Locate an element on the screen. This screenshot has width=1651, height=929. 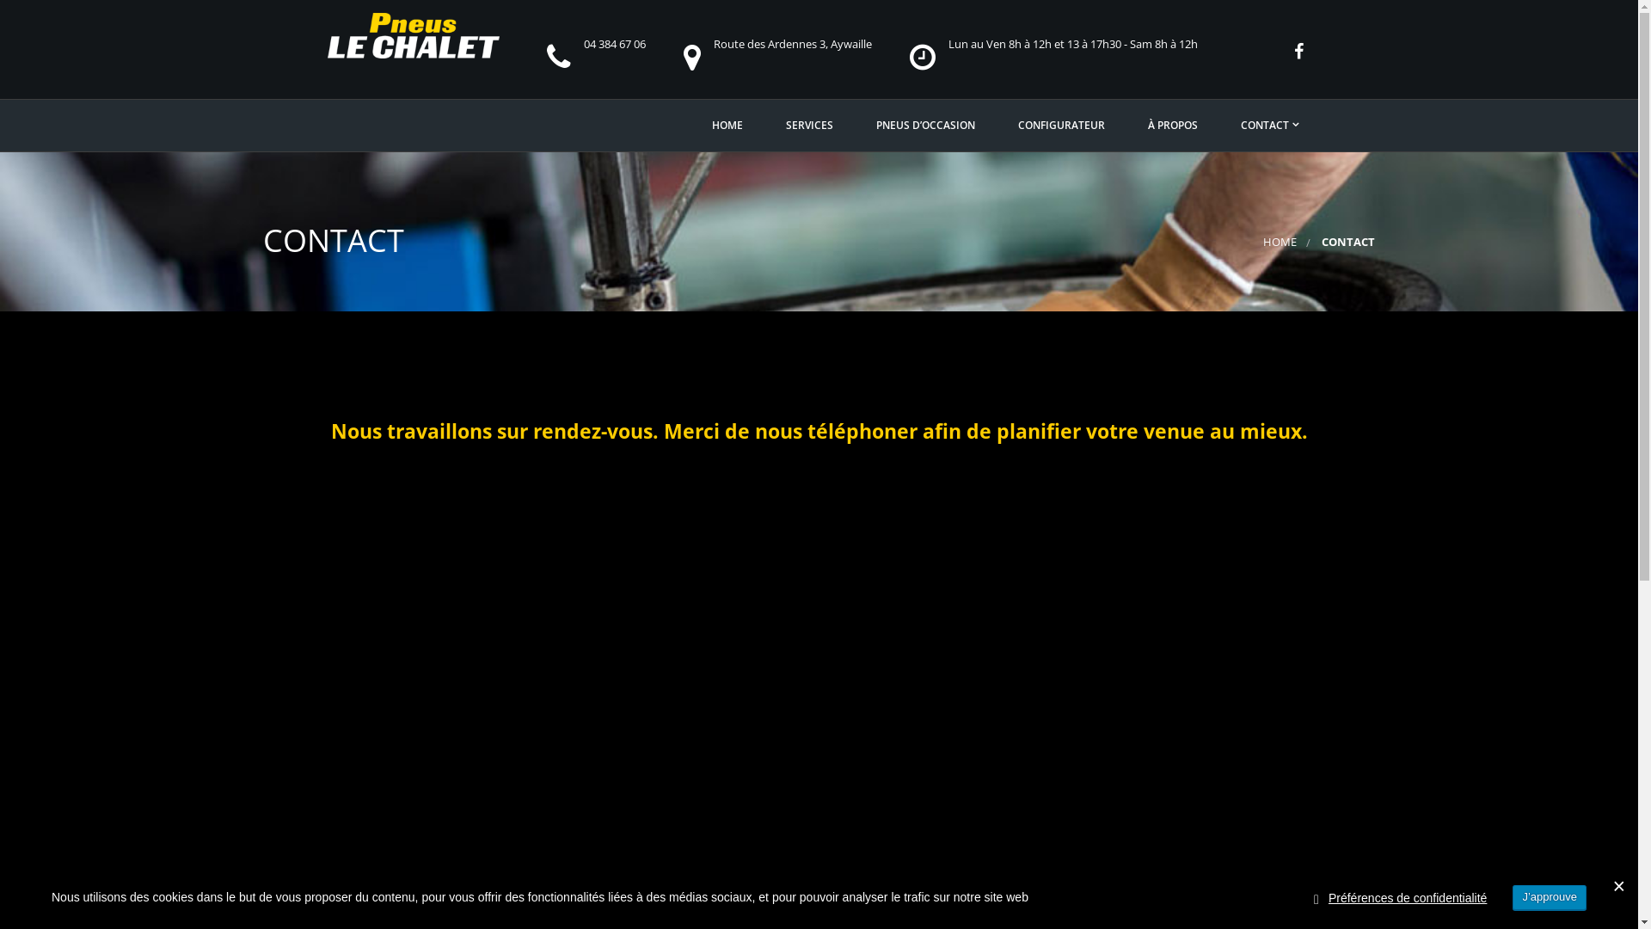
'Le chalet pneus' is located at coordinates (413, 35).